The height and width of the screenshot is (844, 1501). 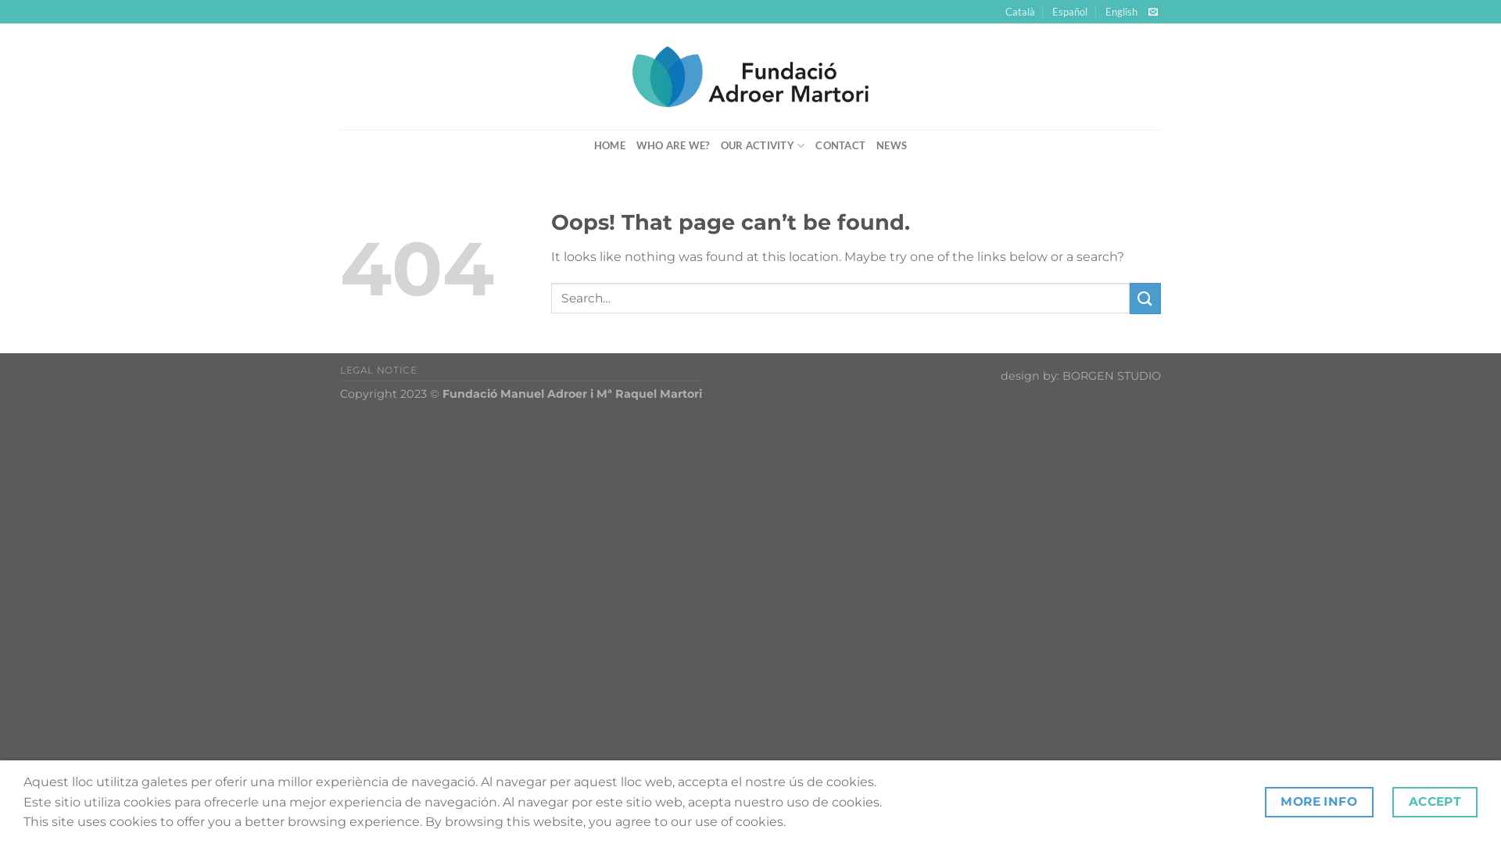 I want to click on 'English', so click(x=1120, y=12).